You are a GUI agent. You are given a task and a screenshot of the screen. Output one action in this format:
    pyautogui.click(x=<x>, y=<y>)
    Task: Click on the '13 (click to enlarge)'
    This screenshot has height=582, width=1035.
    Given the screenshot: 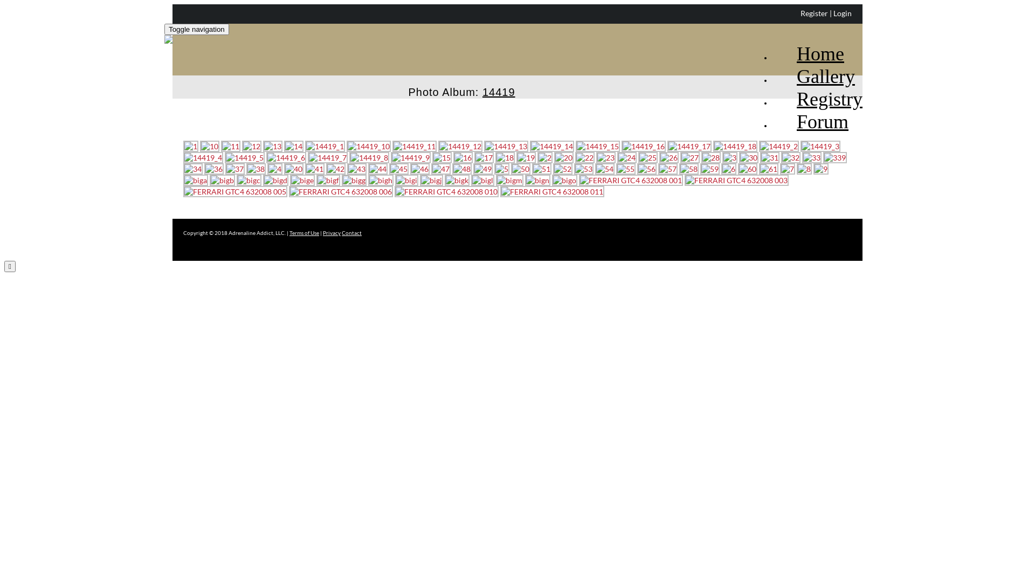 What is the action you would take?
    pyautogui.click(x=272, y=146)
    